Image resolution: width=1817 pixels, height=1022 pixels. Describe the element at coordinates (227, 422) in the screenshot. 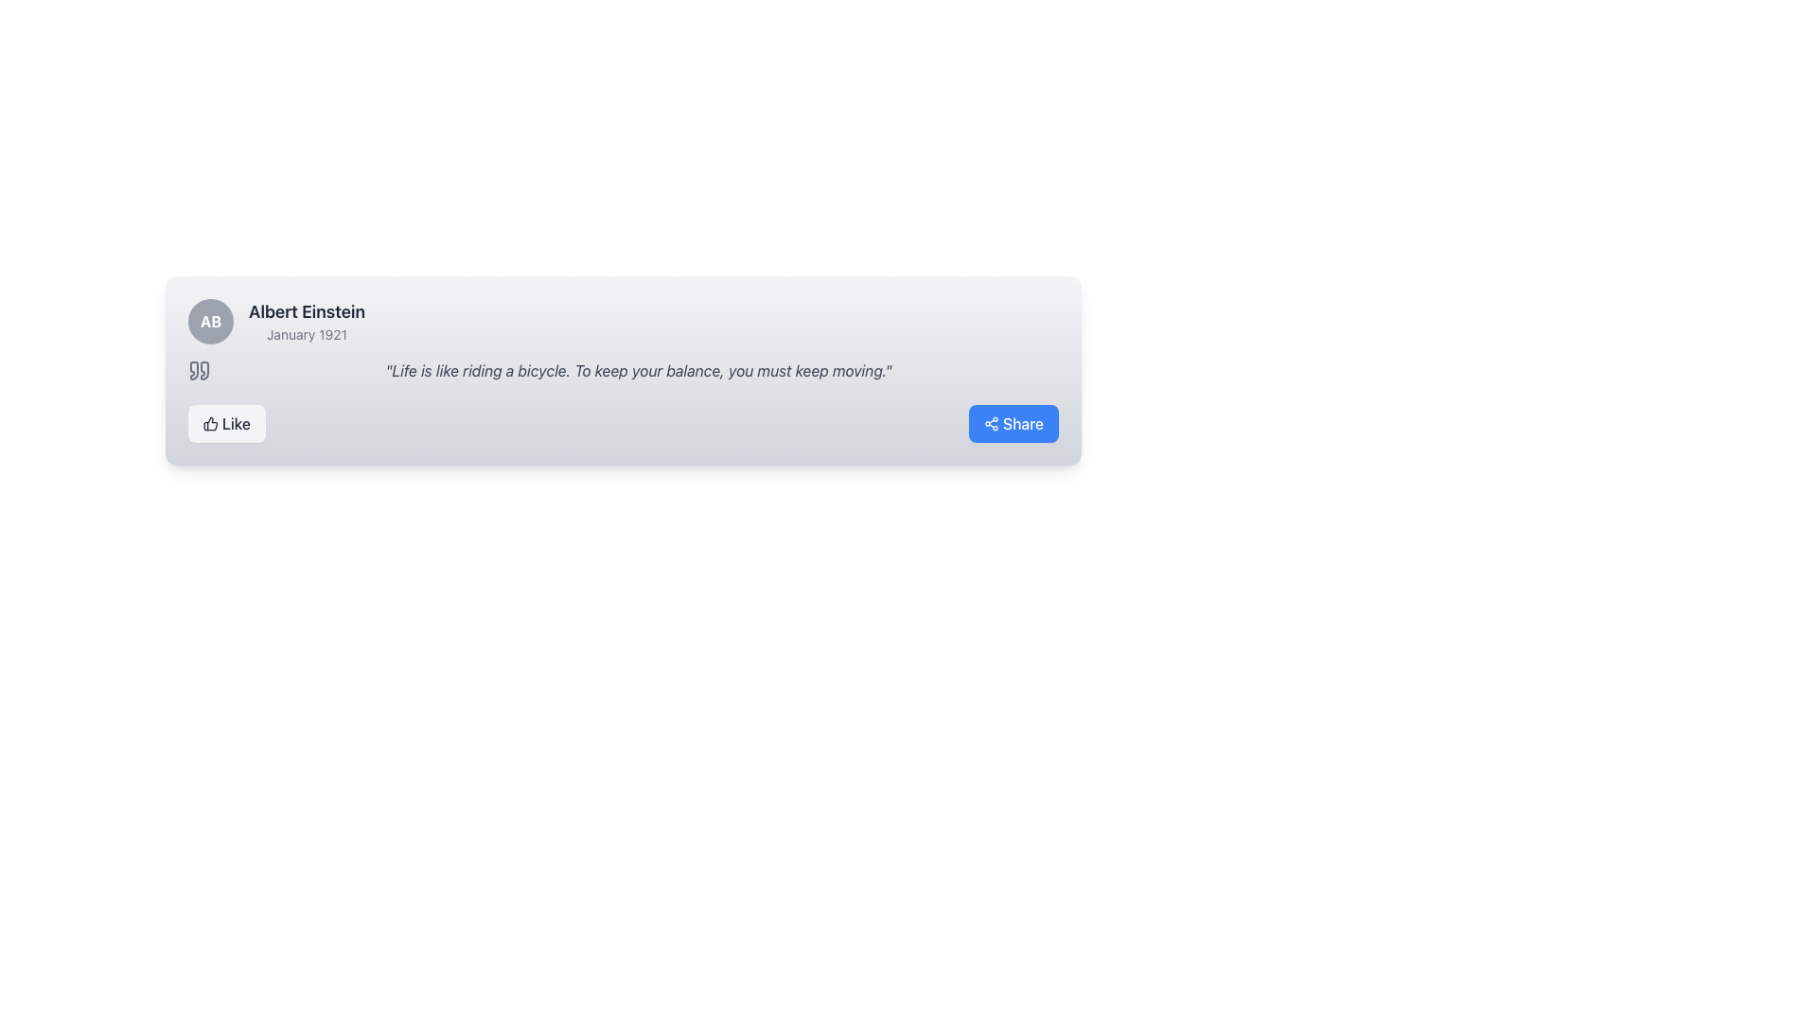

I see `the 'Like' button located at the bottom left of the card` at that location.